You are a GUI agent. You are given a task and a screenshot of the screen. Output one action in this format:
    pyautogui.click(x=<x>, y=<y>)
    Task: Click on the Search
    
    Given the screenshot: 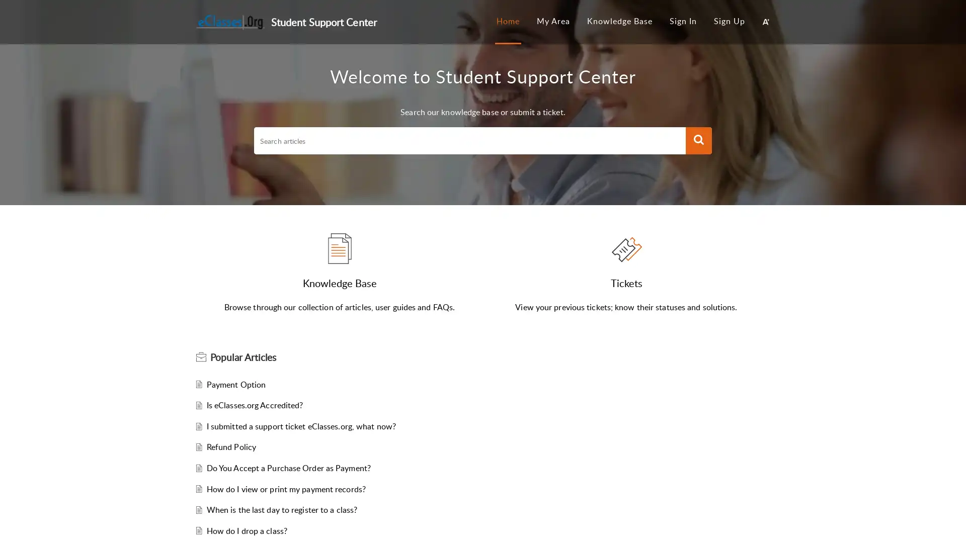 What is the action you would take?
    pyautogui.click(x=698, y=140)
    